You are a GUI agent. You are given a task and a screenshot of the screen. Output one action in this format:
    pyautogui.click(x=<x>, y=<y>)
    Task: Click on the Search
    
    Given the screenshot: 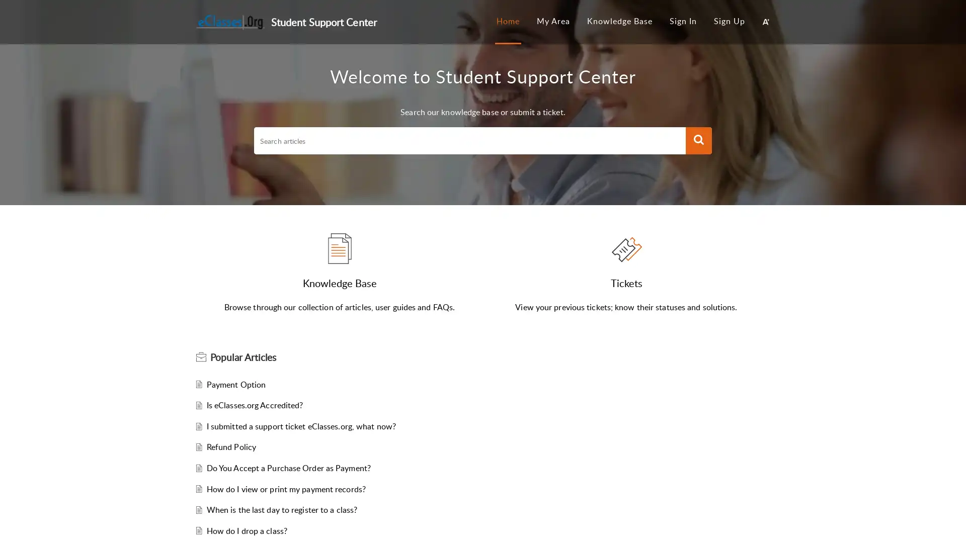 What is the action you would take?
    pyautogui.click(x=698, y=140)
    